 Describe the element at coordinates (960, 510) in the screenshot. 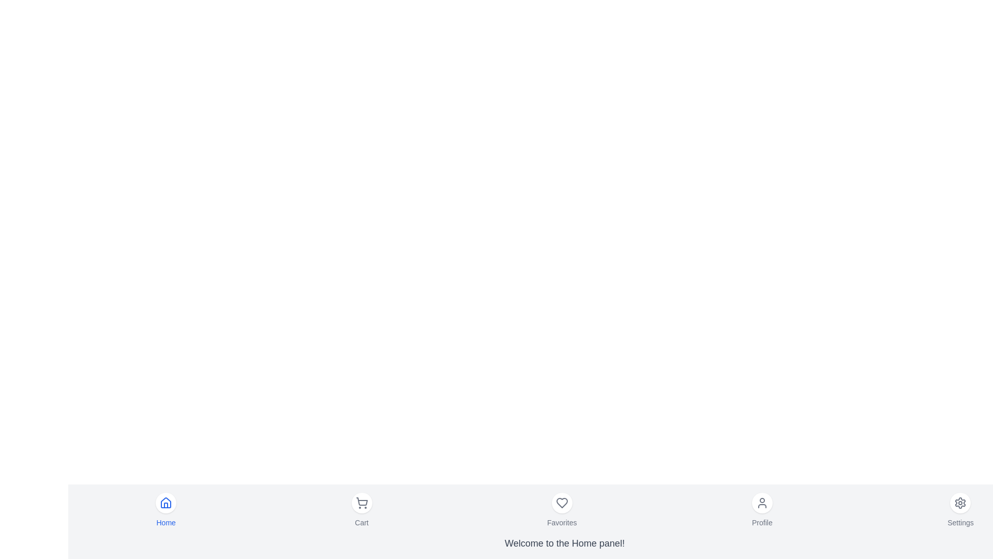

I see `the menu item labeled Settings to observe the hover effect` at that location.